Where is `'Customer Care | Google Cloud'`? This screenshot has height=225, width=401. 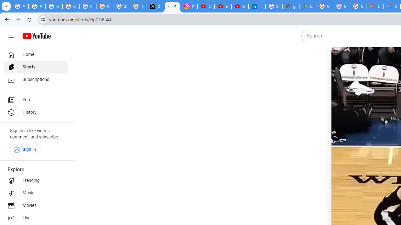 'Customer Care | Google Cloud' is located at coordinates (375, 6).